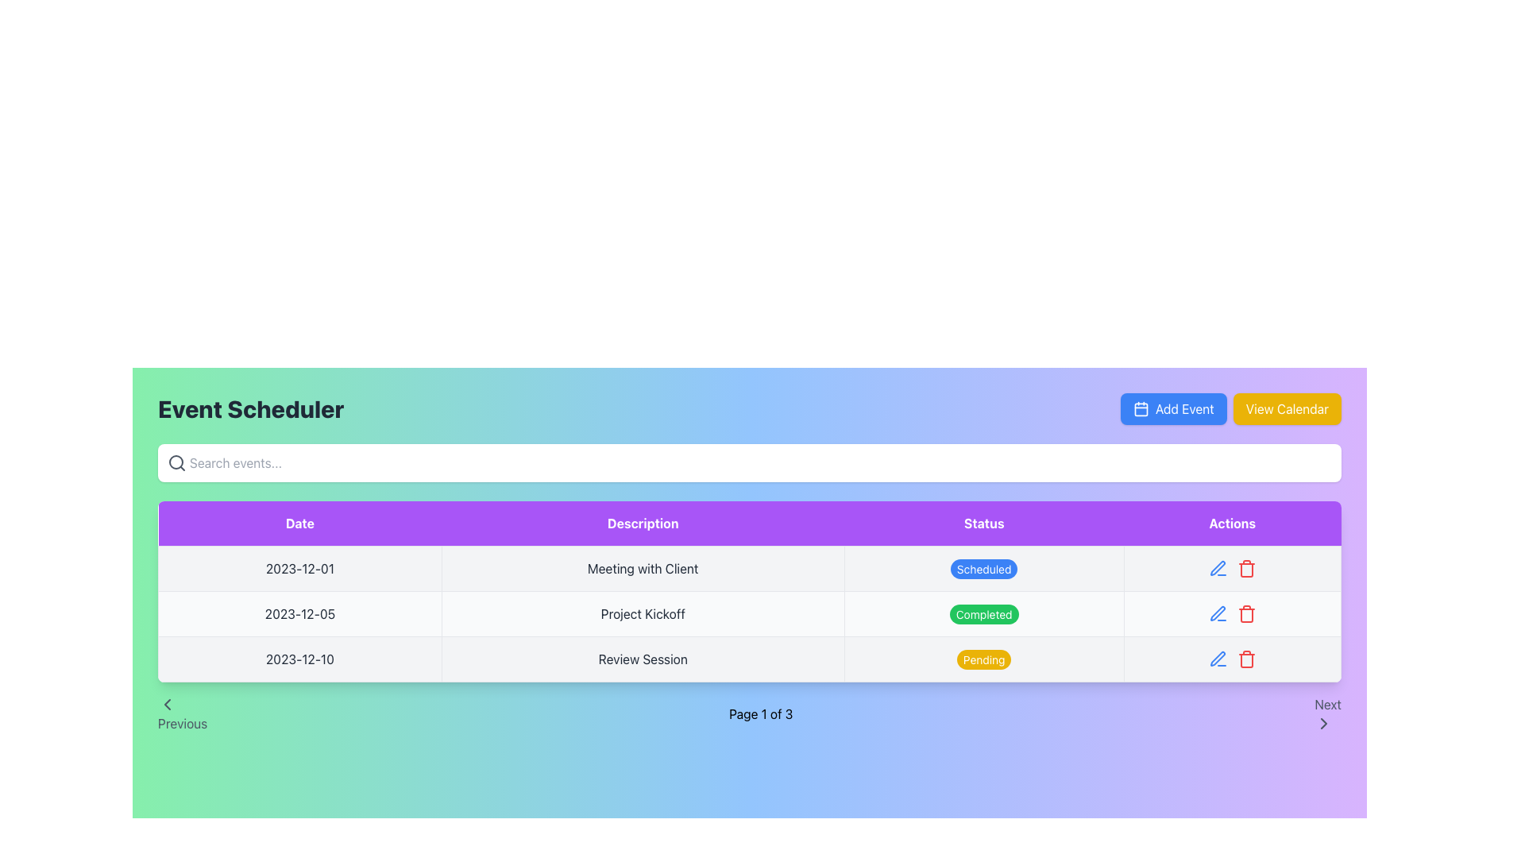  Describe the element at coordinates (1327, 713) in the screenshot. I see `the button-like interactive text link located at the bottom-right corner of the page, adjacent to other pagination controls` at that location.